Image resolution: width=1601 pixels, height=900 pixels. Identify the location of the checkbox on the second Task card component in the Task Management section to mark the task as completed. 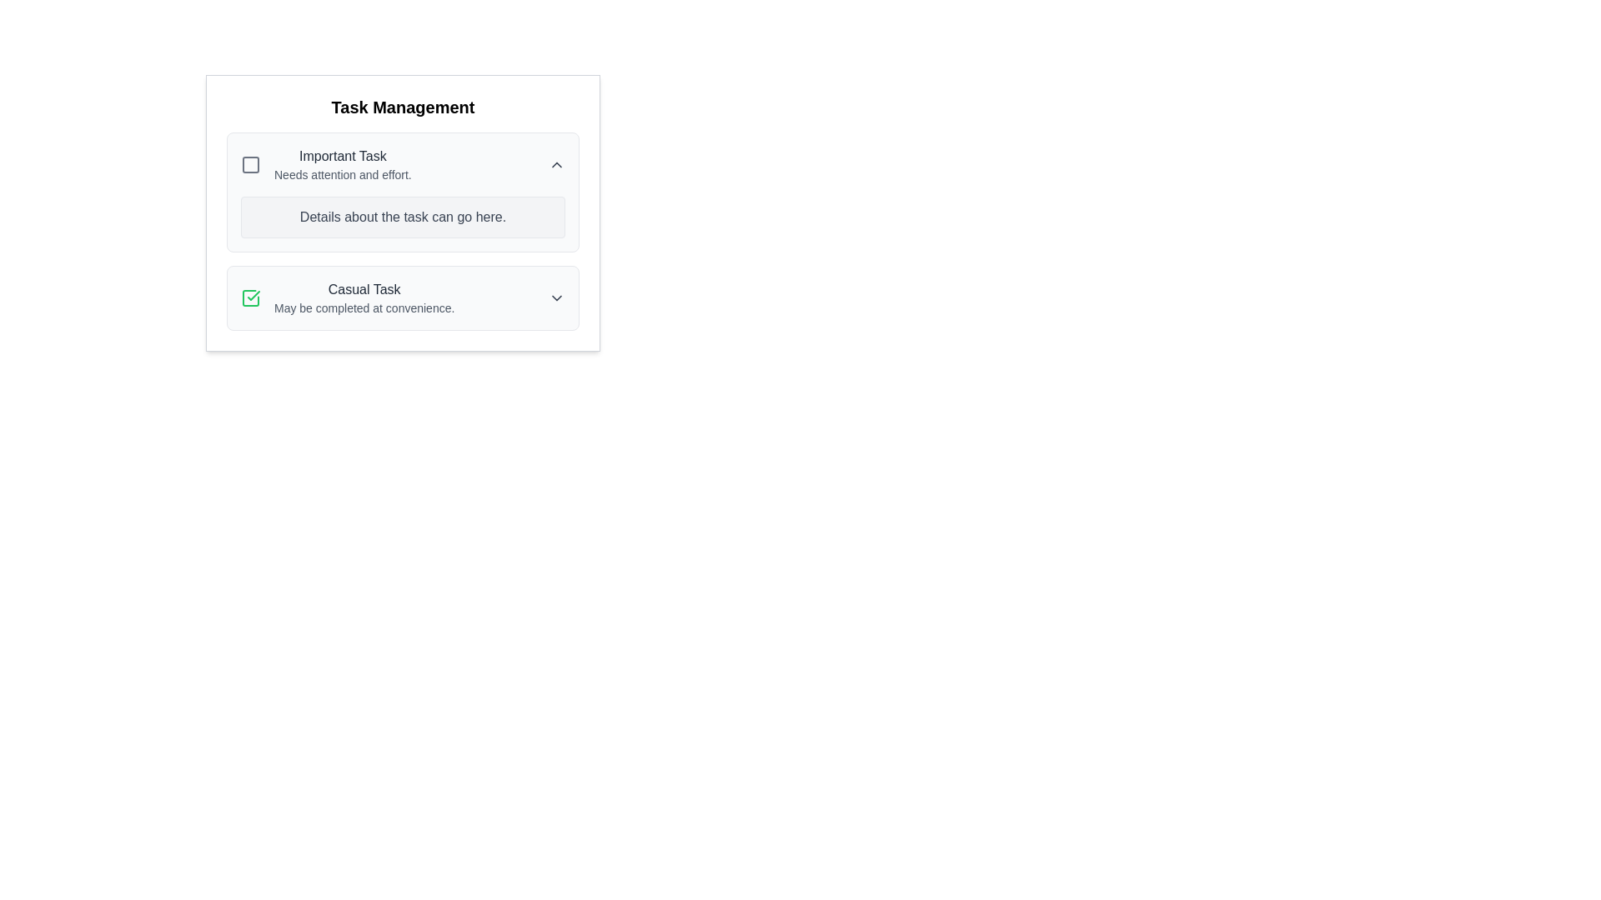
(403, 297).